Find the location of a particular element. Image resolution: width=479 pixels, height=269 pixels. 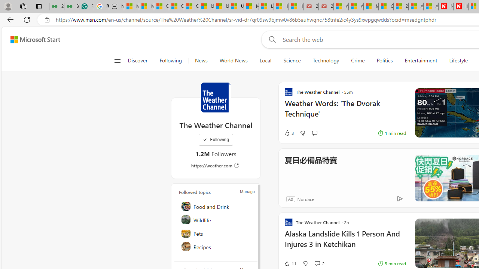

'15 Ways Modern Life Contradicts the Teachings of Jesus' is located at coordinates (296, 6).